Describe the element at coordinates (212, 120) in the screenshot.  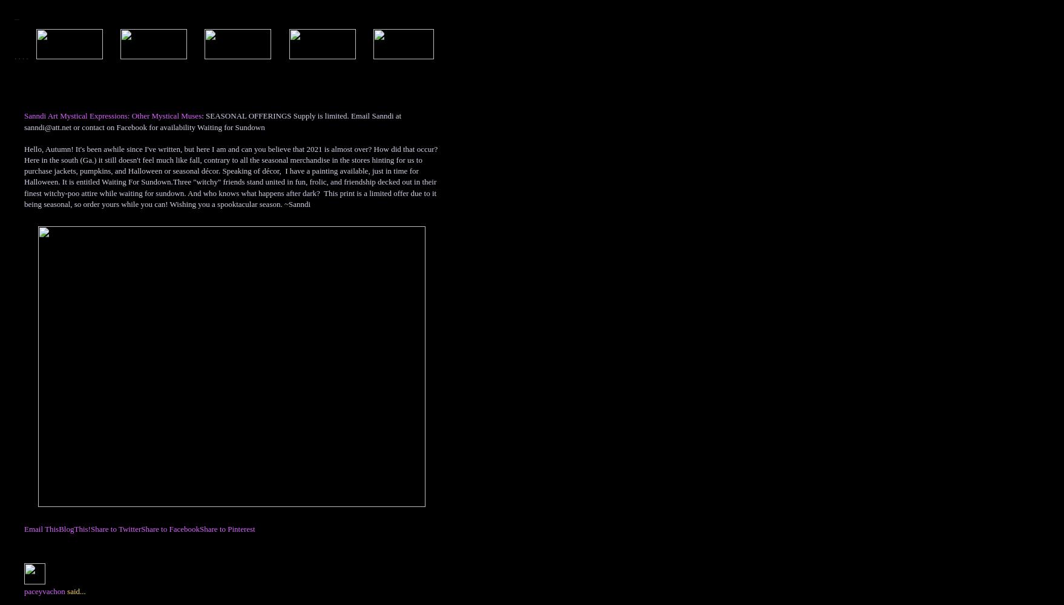
I see `': SEASONAL OFFERINGS Supply is limited. Email Sanndi at sanndi@att.net or contact on Facebook for availability Waiting for Sundown'` at that location.